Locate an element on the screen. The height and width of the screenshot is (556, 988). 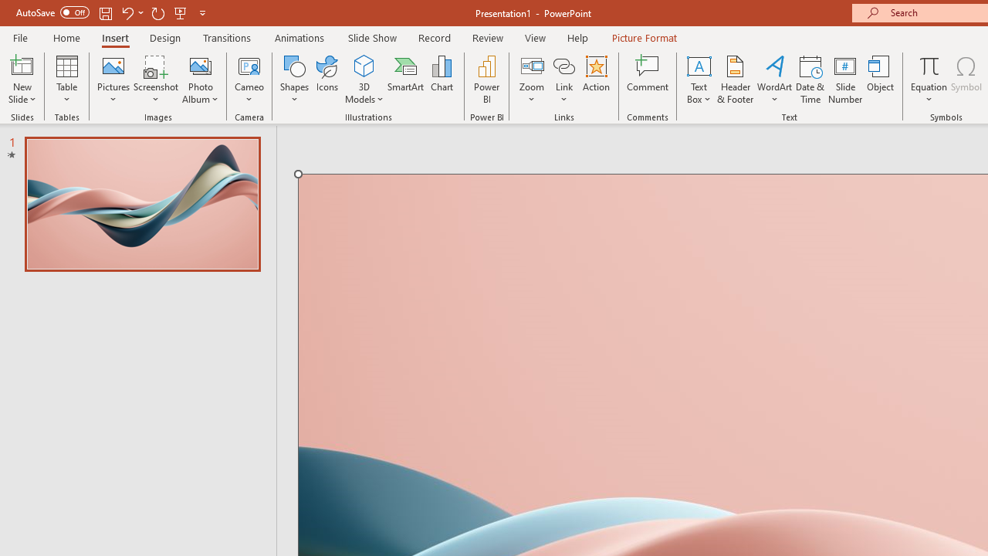
'New Photo Album...' is located at coordinates (199, 65).